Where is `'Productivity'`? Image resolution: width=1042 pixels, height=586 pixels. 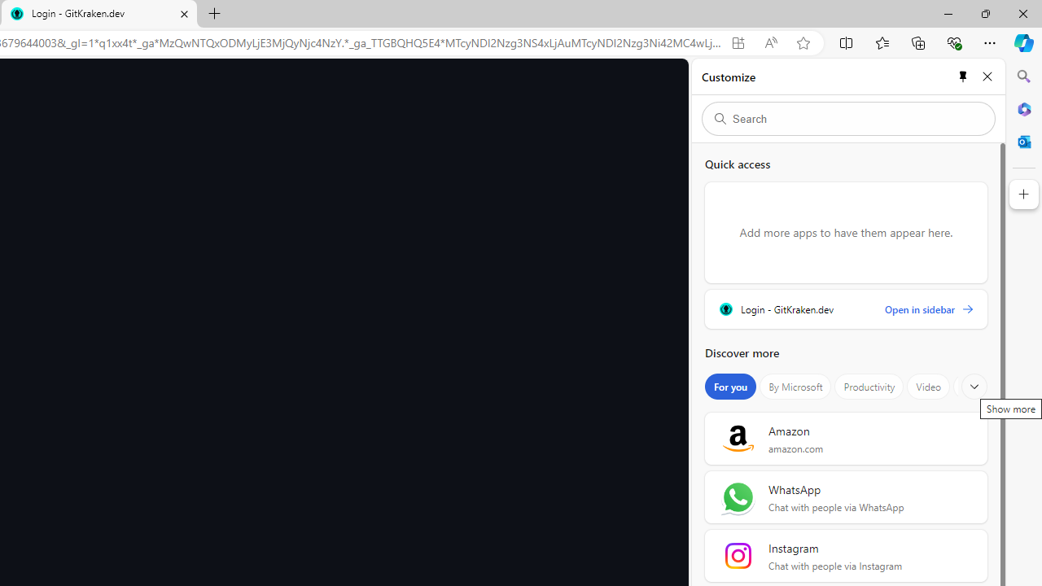 'Productivity' is located at coordinates (869, 387).